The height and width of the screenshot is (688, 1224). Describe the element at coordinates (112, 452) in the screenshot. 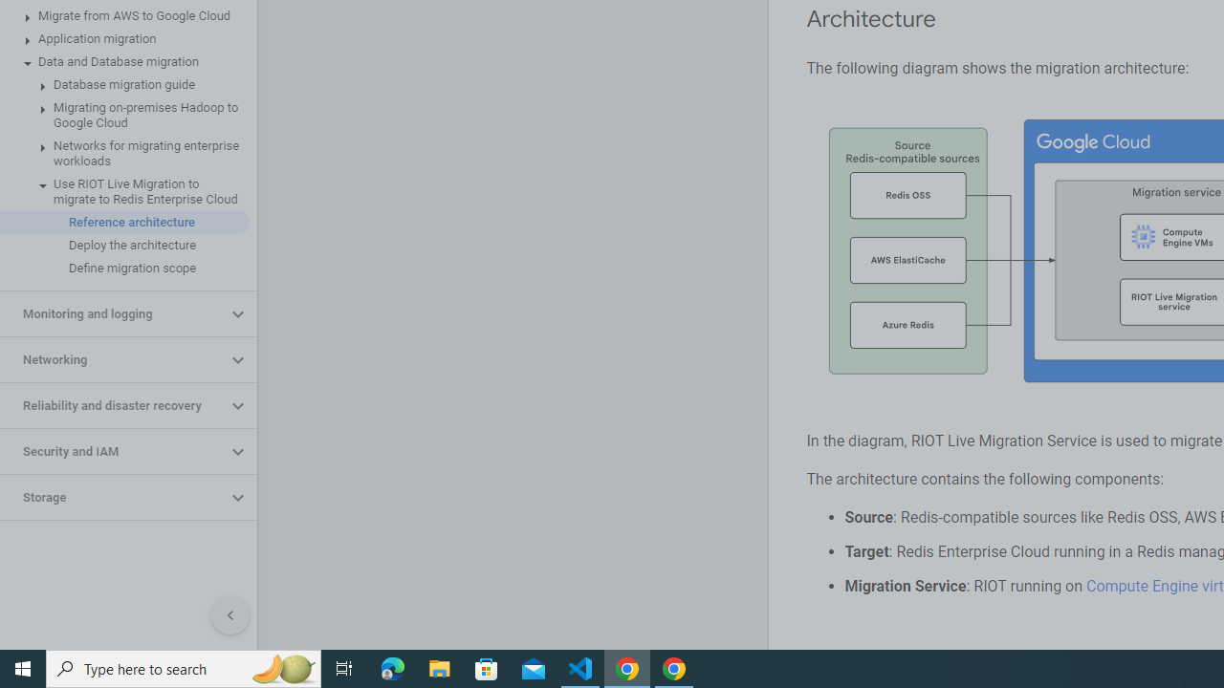

I see `'Security and IAM'` at that location.